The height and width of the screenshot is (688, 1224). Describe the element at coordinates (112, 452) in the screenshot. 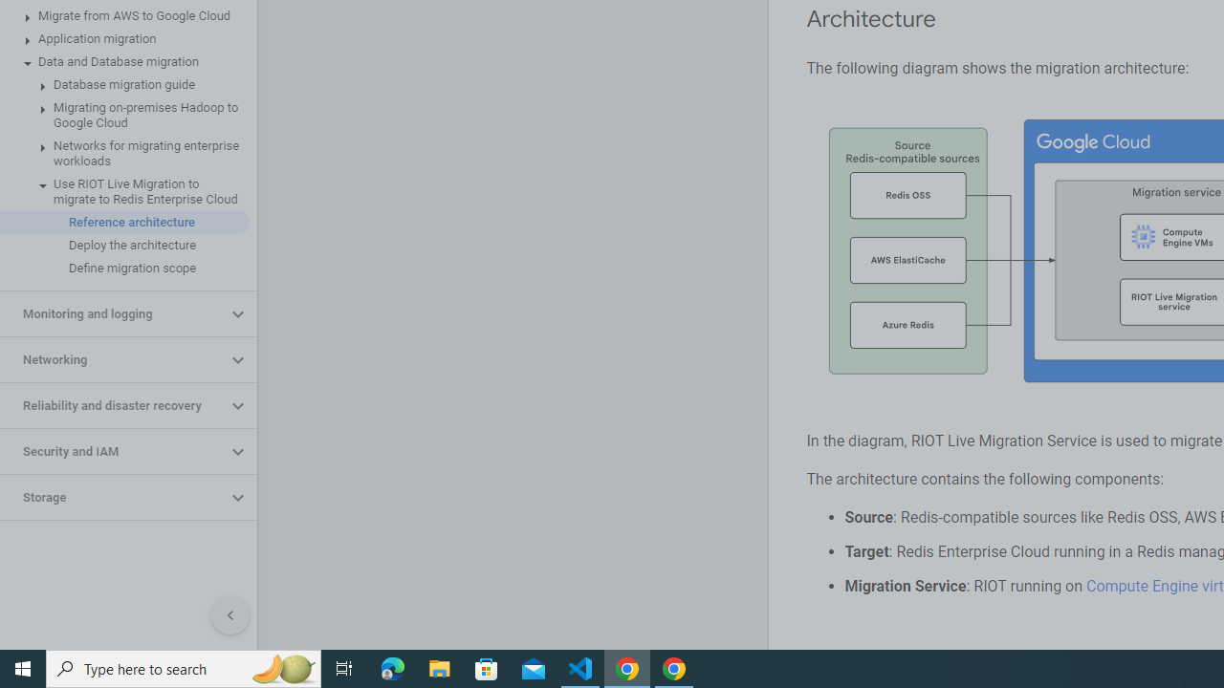

I see `'Security and IAM'` at that location.